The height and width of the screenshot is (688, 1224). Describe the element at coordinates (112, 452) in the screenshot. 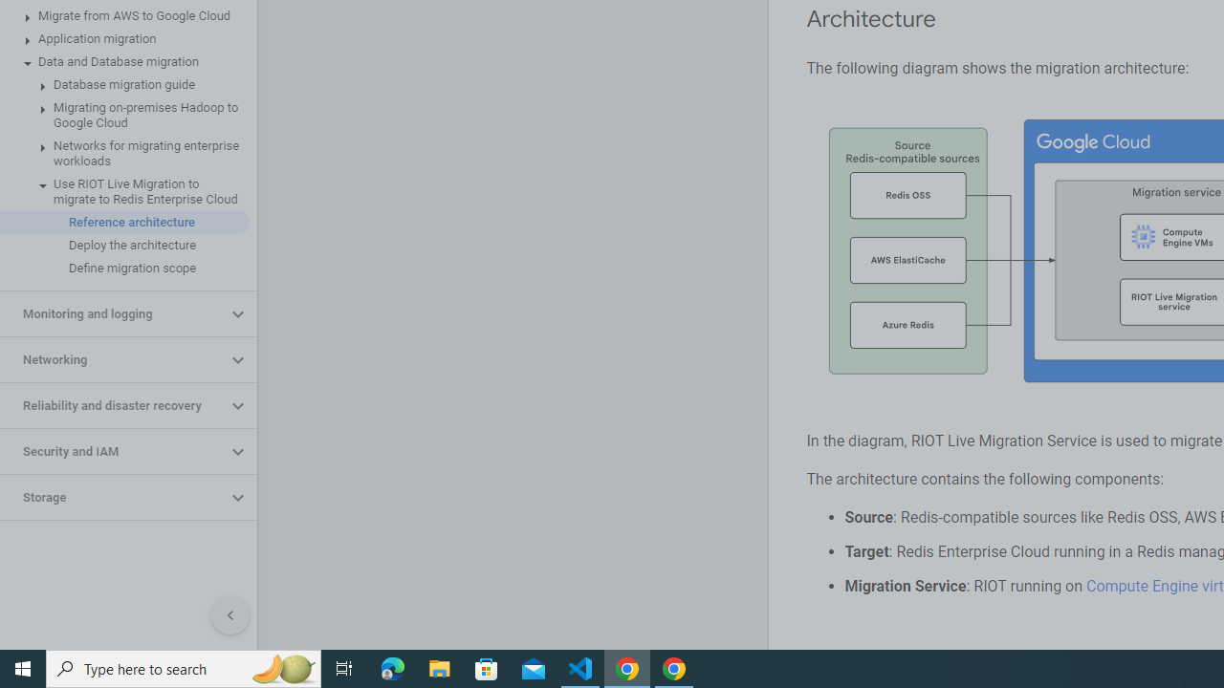

I see `'Security and IAM'` at that location.